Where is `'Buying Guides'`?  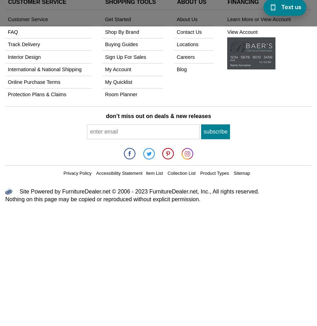
'Buying Guides' is located at coordinates (104, 44).